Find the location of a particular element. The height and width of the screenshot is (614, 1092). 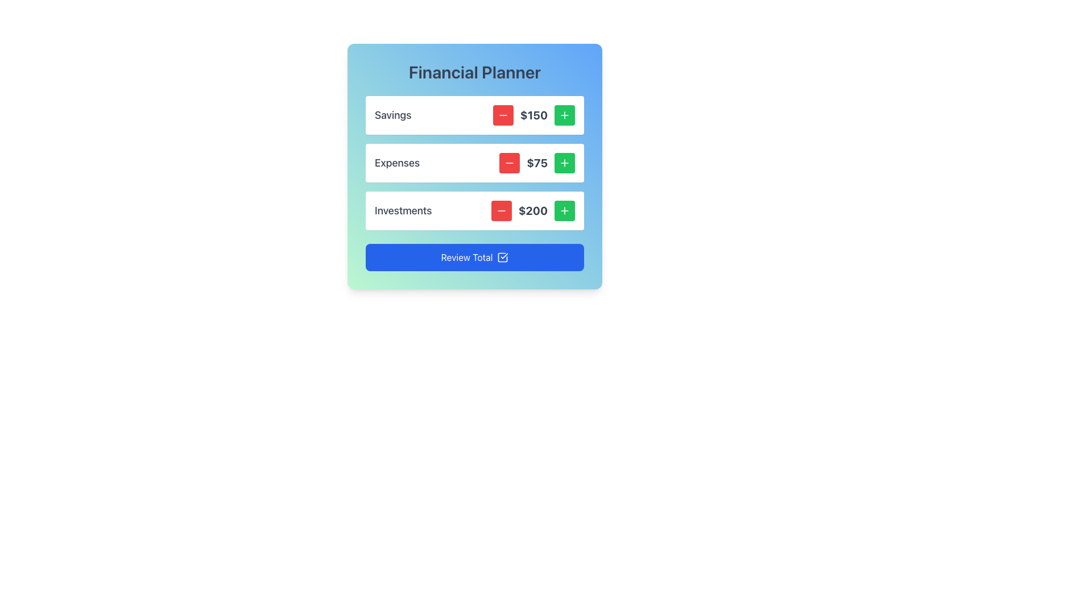

the numeric display showing the monetary value for the 'Expenses' category, located between the red subtract button and the green add button is located at coordinates (536, 163).